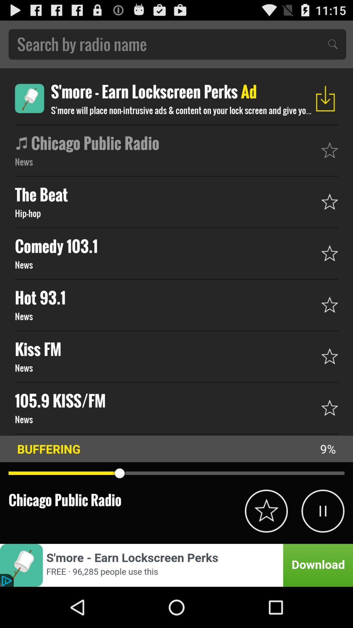  I want to click on advertisement download, so click(176, 565).